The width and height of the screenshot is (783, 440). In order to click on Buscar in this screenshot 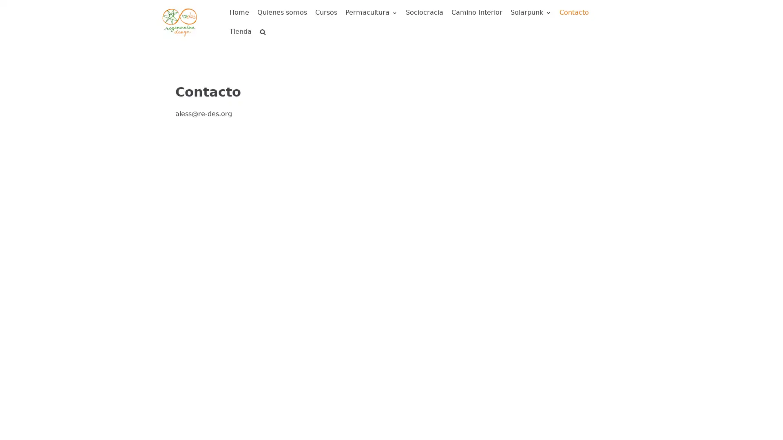, I will do `click(248, 50)`.